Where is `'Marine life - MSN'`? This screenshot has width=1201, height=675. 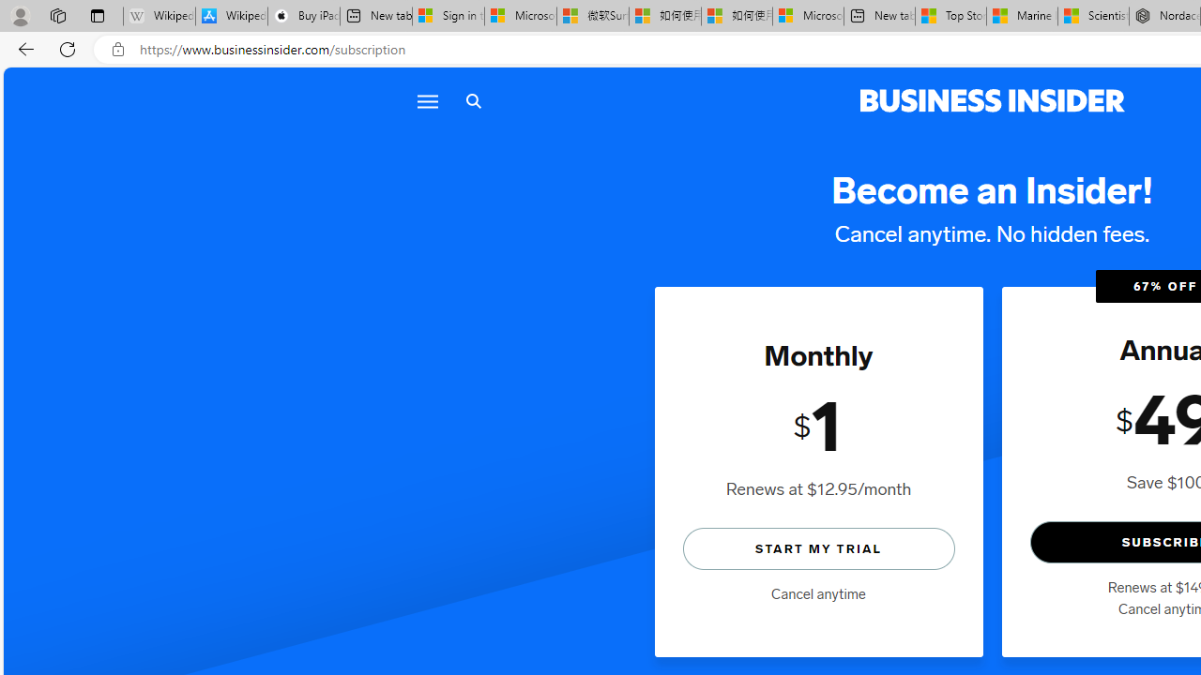
'Marine life - MSN' is located at coordinates (1021, 16).